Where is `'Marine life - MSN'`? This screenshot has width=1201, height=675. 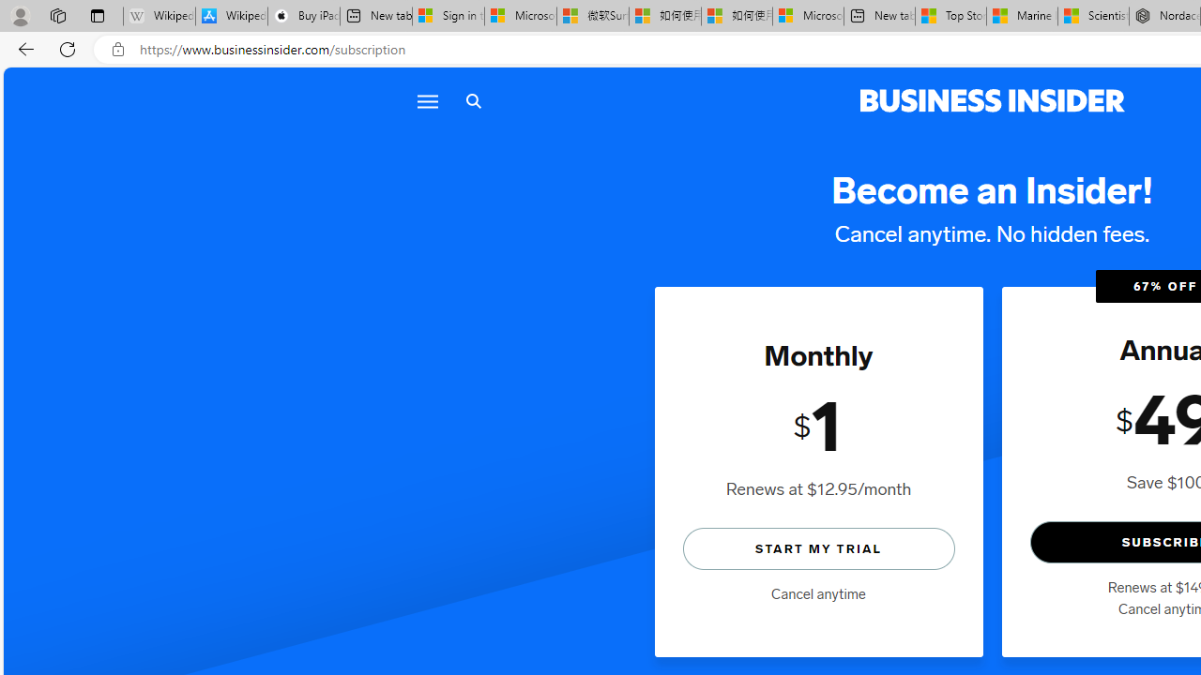
'Marine life - MSN' is located at coordinates (1021, 16).